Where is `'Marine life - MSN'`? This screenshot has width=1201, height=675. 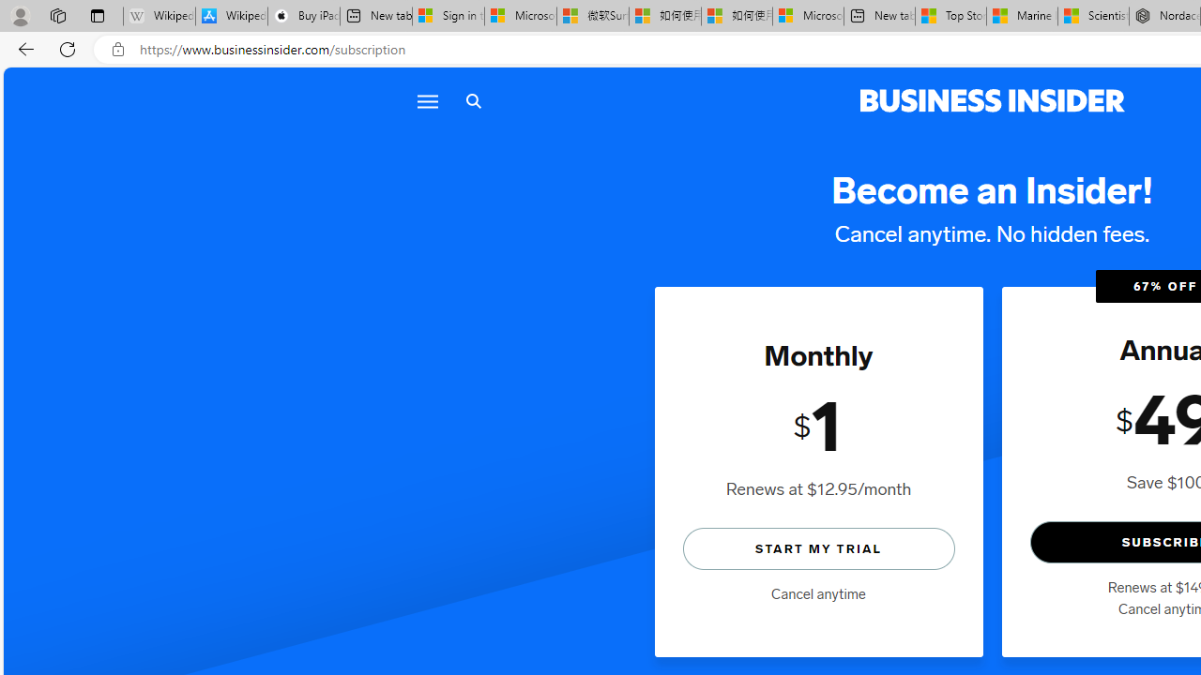
'Marine life - MSN' is located at coordinates (1021, 16).